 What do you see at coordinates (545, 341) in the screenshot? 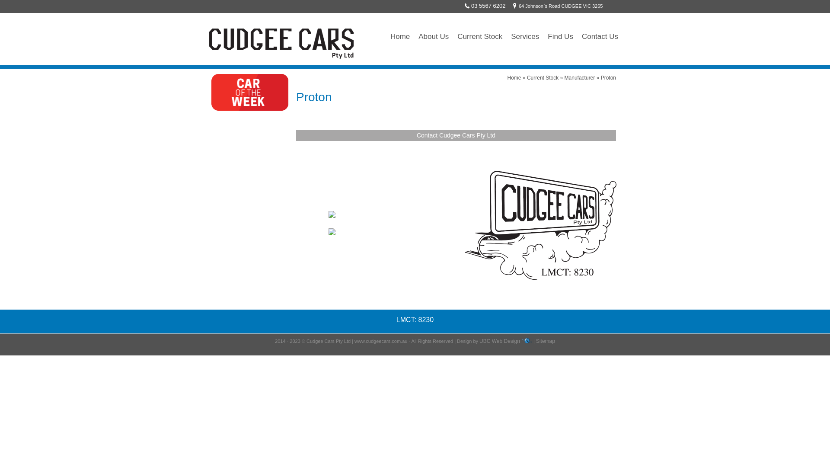
I see `'Sitemap'` at bounding box center [545, 341].